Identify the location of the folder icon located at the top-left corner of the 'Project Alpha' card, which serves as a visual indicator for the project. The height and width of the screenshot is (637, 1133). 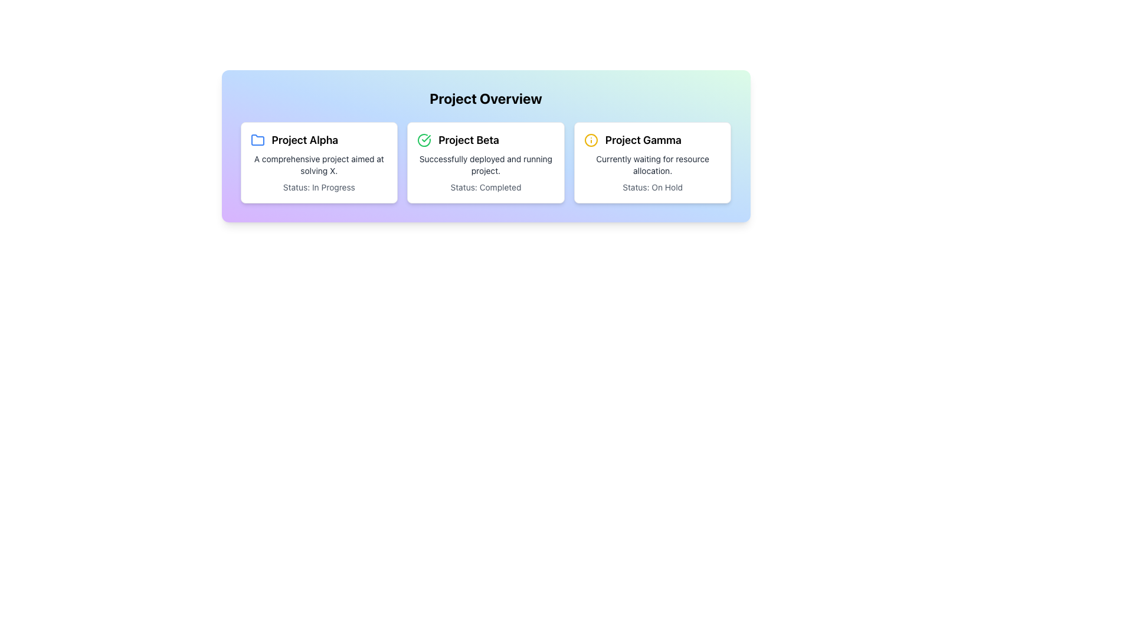
(257, 140).